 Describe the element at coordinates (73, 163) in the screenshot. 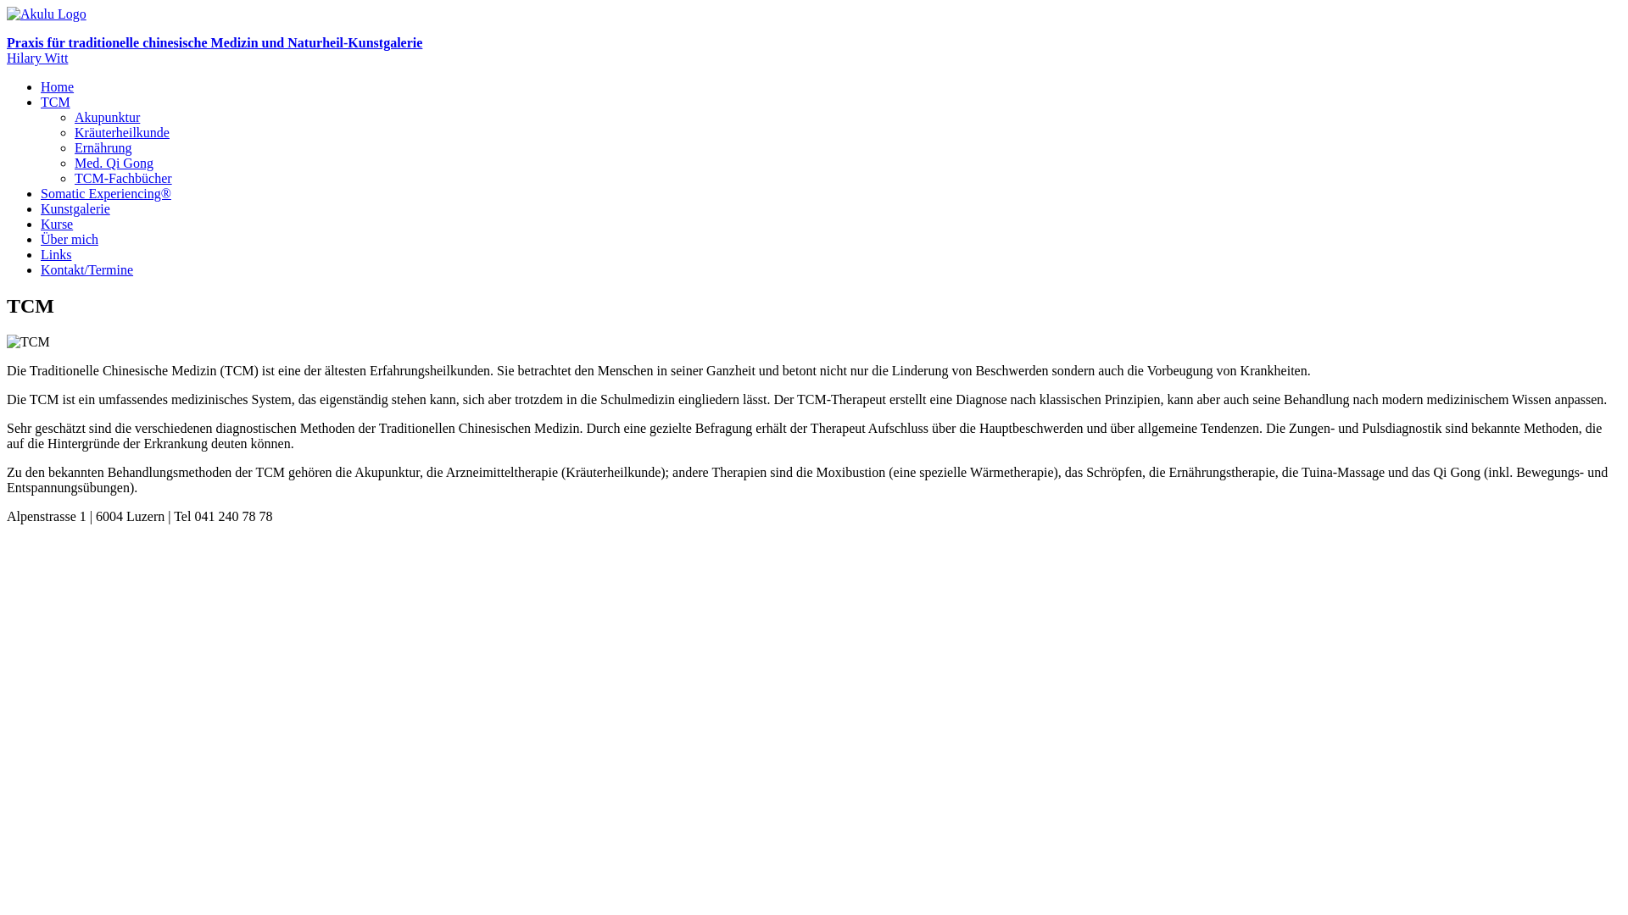

I see `'Med. Qi Gong'` at that location.